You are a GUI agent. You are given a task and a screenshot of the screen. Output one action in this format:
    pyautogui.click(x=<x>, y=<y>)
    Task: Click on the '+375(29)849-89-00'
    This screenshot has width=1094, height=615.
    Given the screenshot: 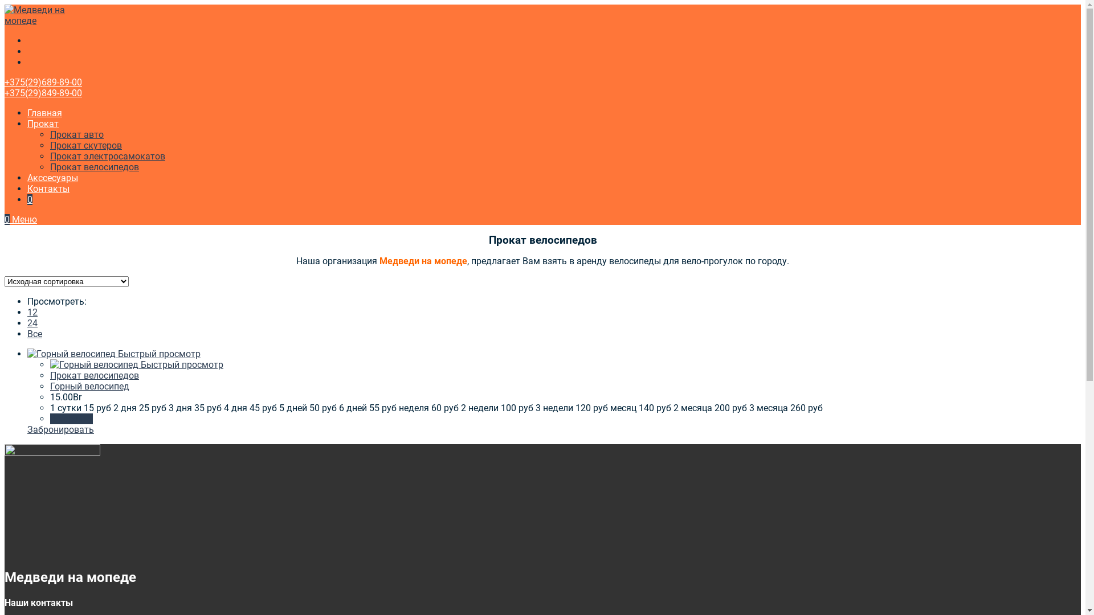 What is the action you would take?
    pyautogui.click(x=5, y=92)
    